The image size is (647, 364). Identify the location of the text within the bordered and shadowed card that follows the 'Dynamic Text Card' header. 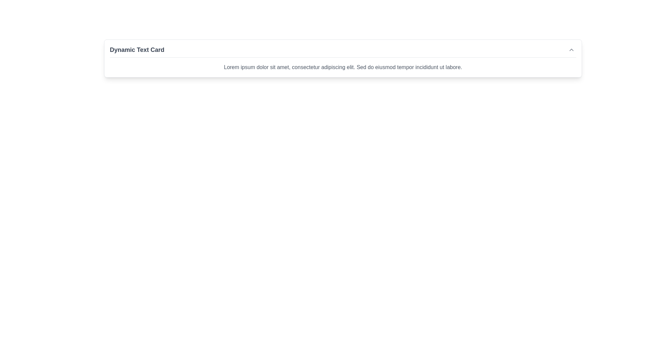
(343, 67).